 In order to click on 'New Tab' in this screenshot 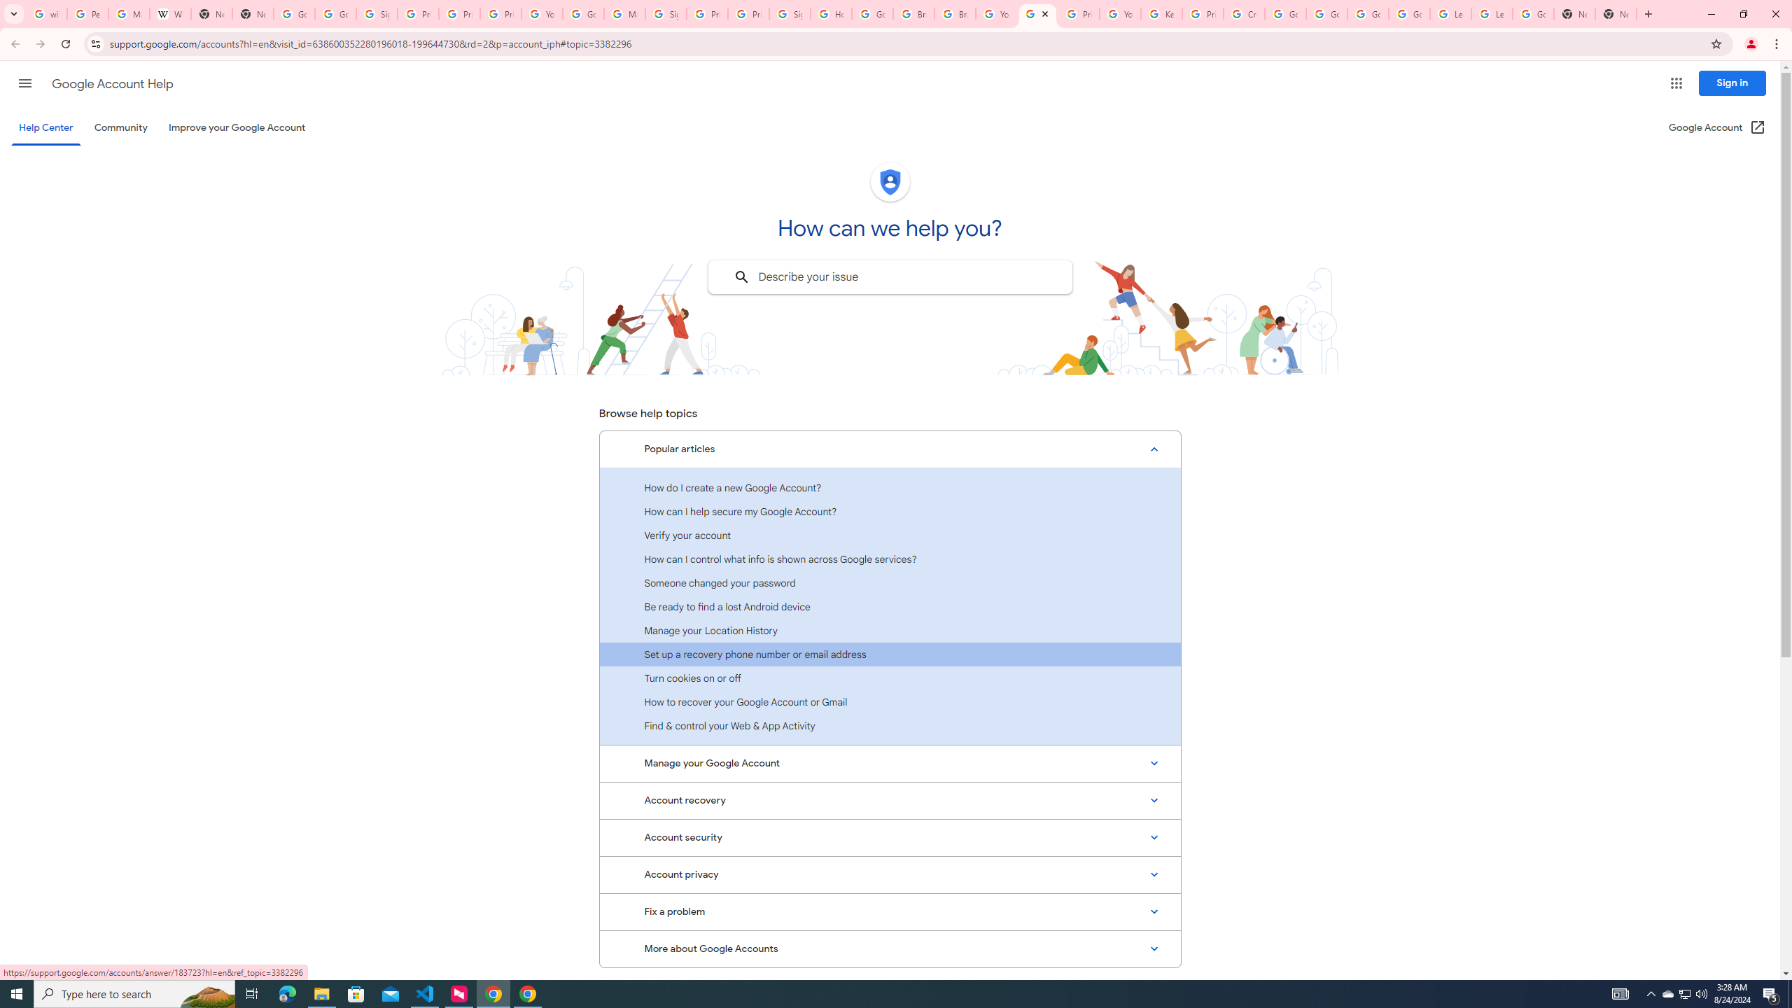, I will do `click(1575, 13)`.